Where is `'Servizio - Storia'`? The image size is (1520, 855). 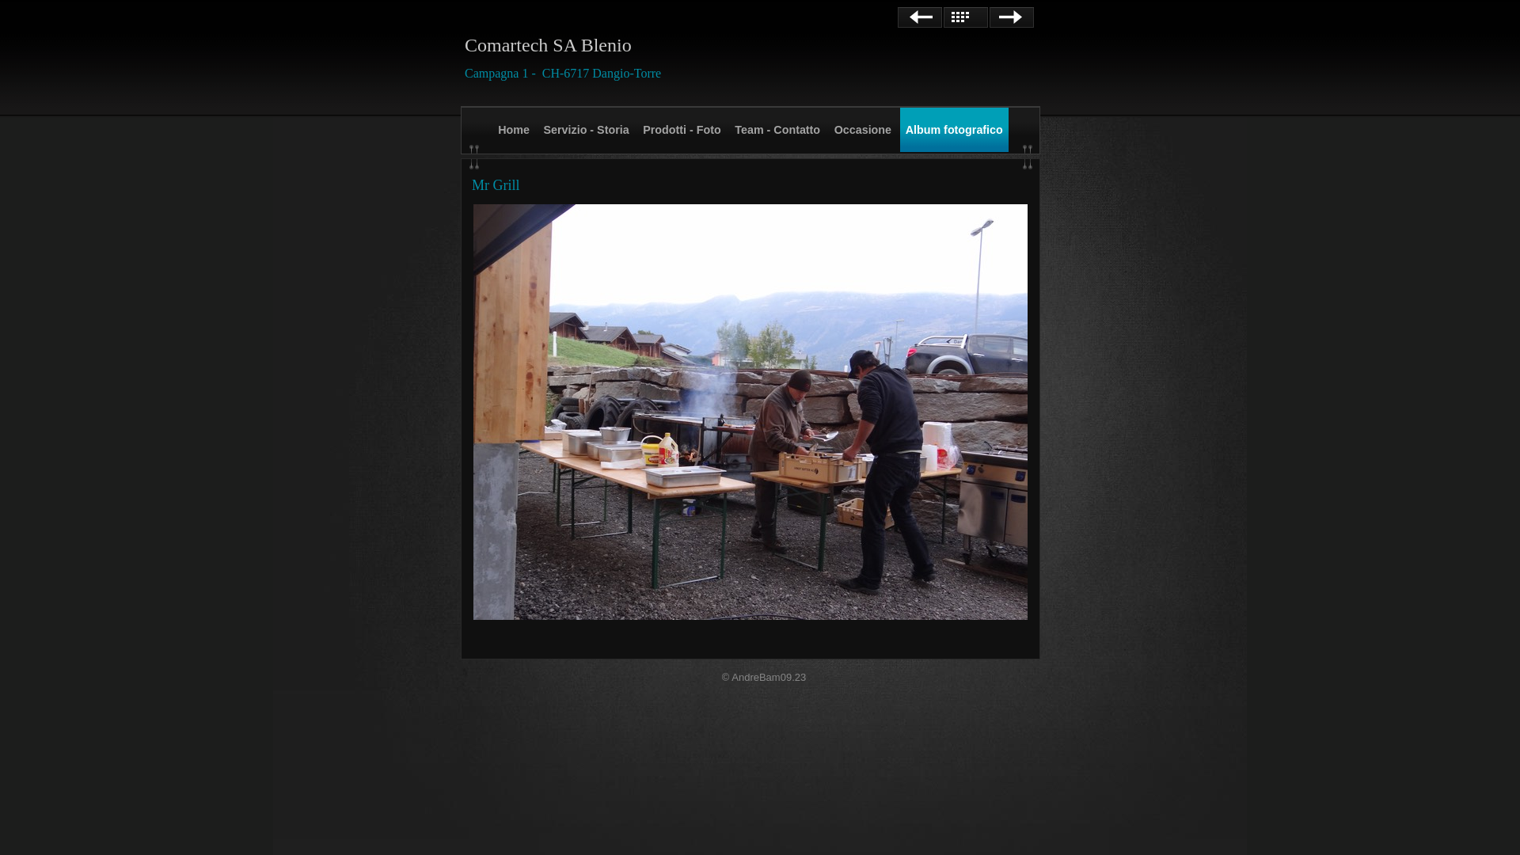 'Servizio - Storia' is located at coordinates (585, 129).